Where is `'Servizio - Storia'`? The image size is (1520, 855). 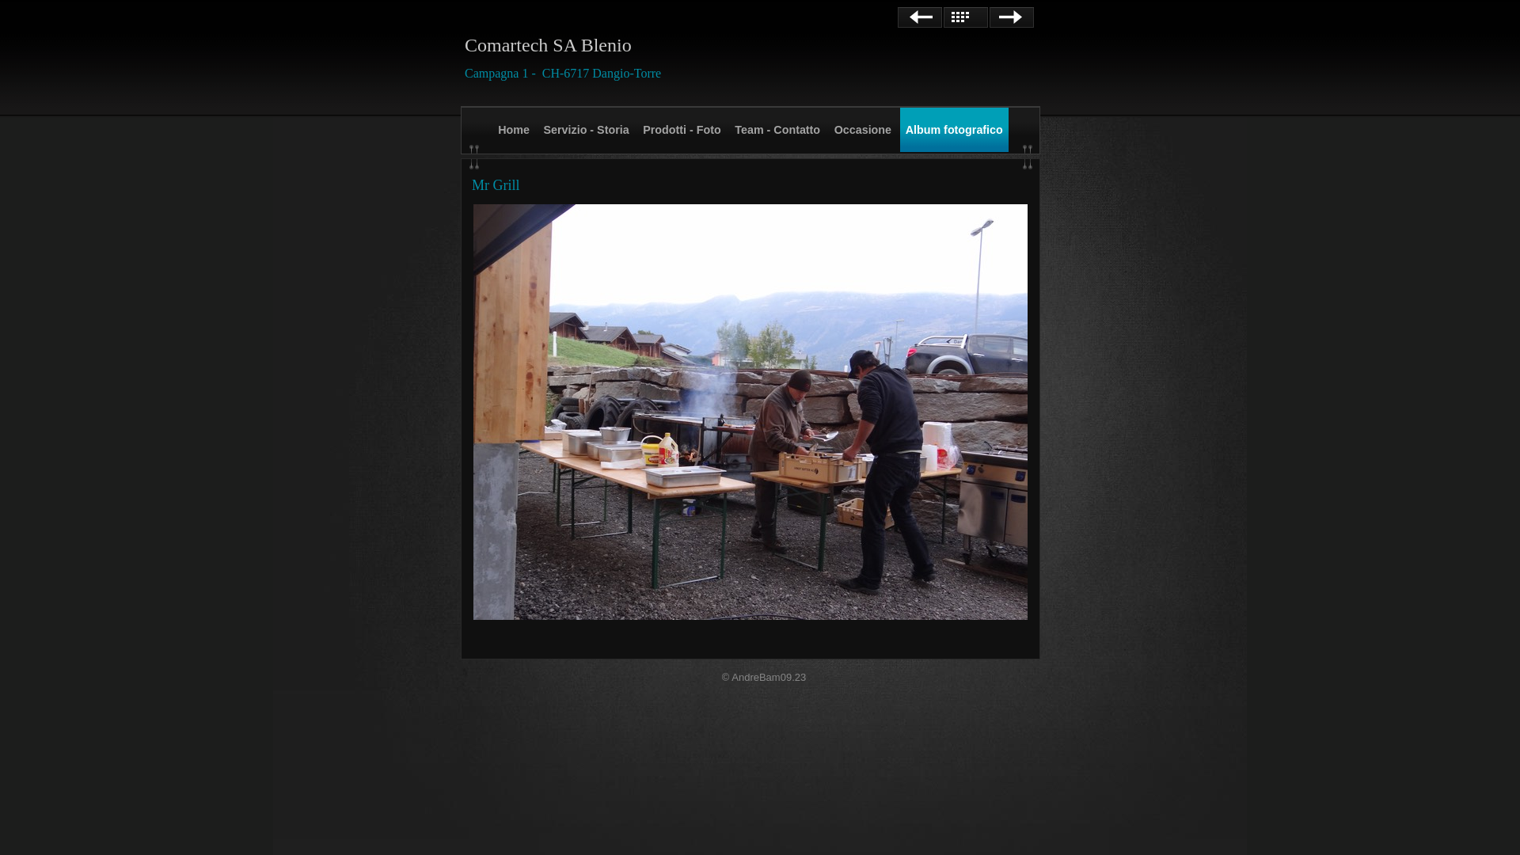 'Servizio - Storia' is located at coordinates (585, 129).